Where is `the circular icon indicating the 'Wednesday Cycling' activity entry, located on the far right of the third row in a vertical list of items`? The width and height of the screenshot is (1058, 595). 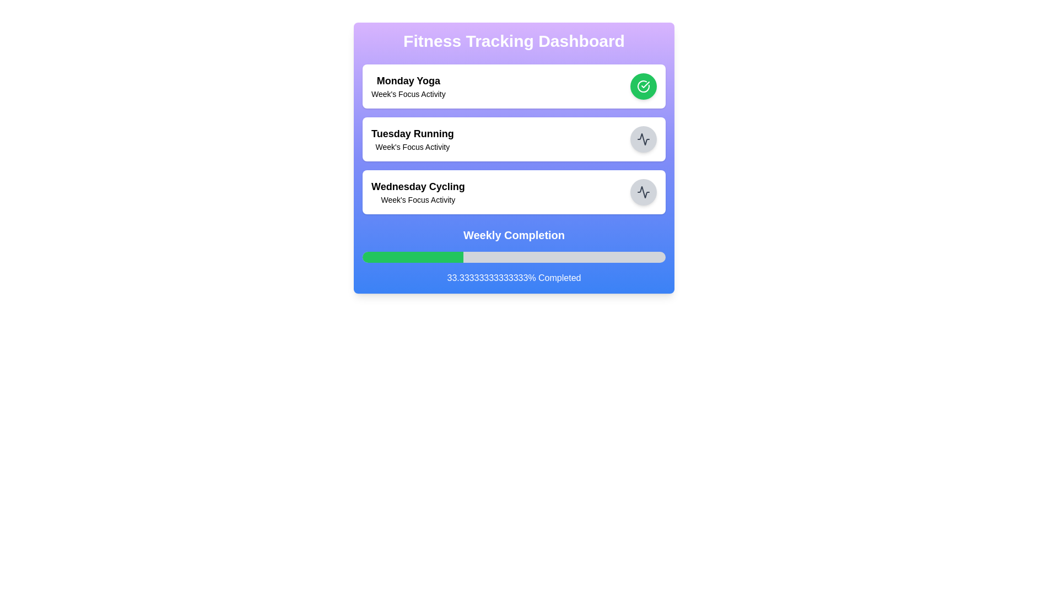
the circular icon indicating the 'Wednesday Cycling' activity entry, located on the far right of the third row in a vertical list of items is located at coordinates (643, 139).